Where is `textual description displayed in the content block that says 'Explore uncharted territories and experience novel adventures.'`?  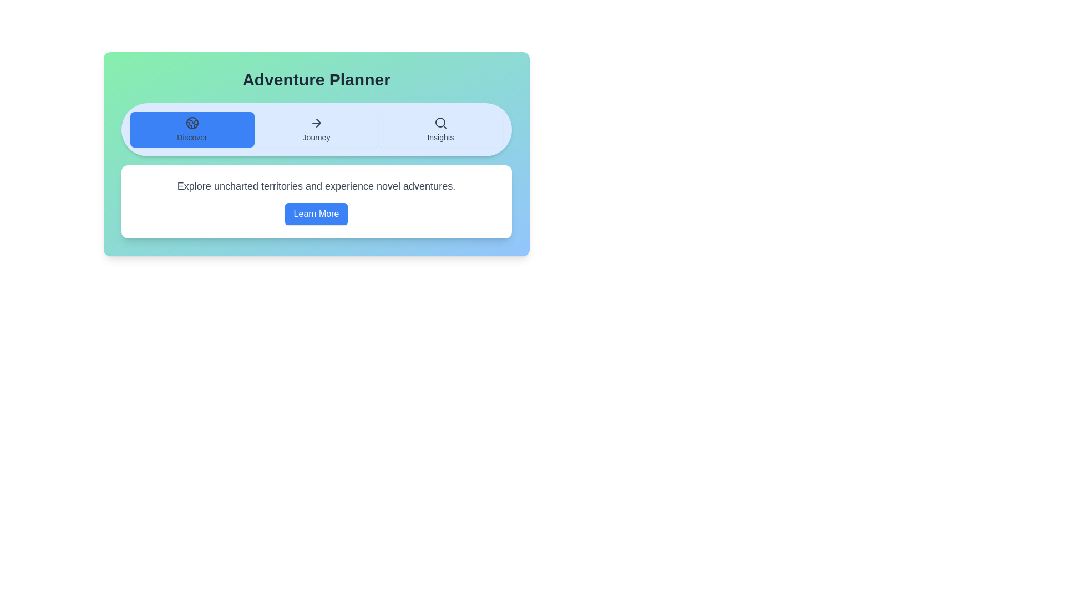 textual description displayed in the content block that says 'Explore uncharted territories and experience novel adventures.' is located at coordinates (316, 201).